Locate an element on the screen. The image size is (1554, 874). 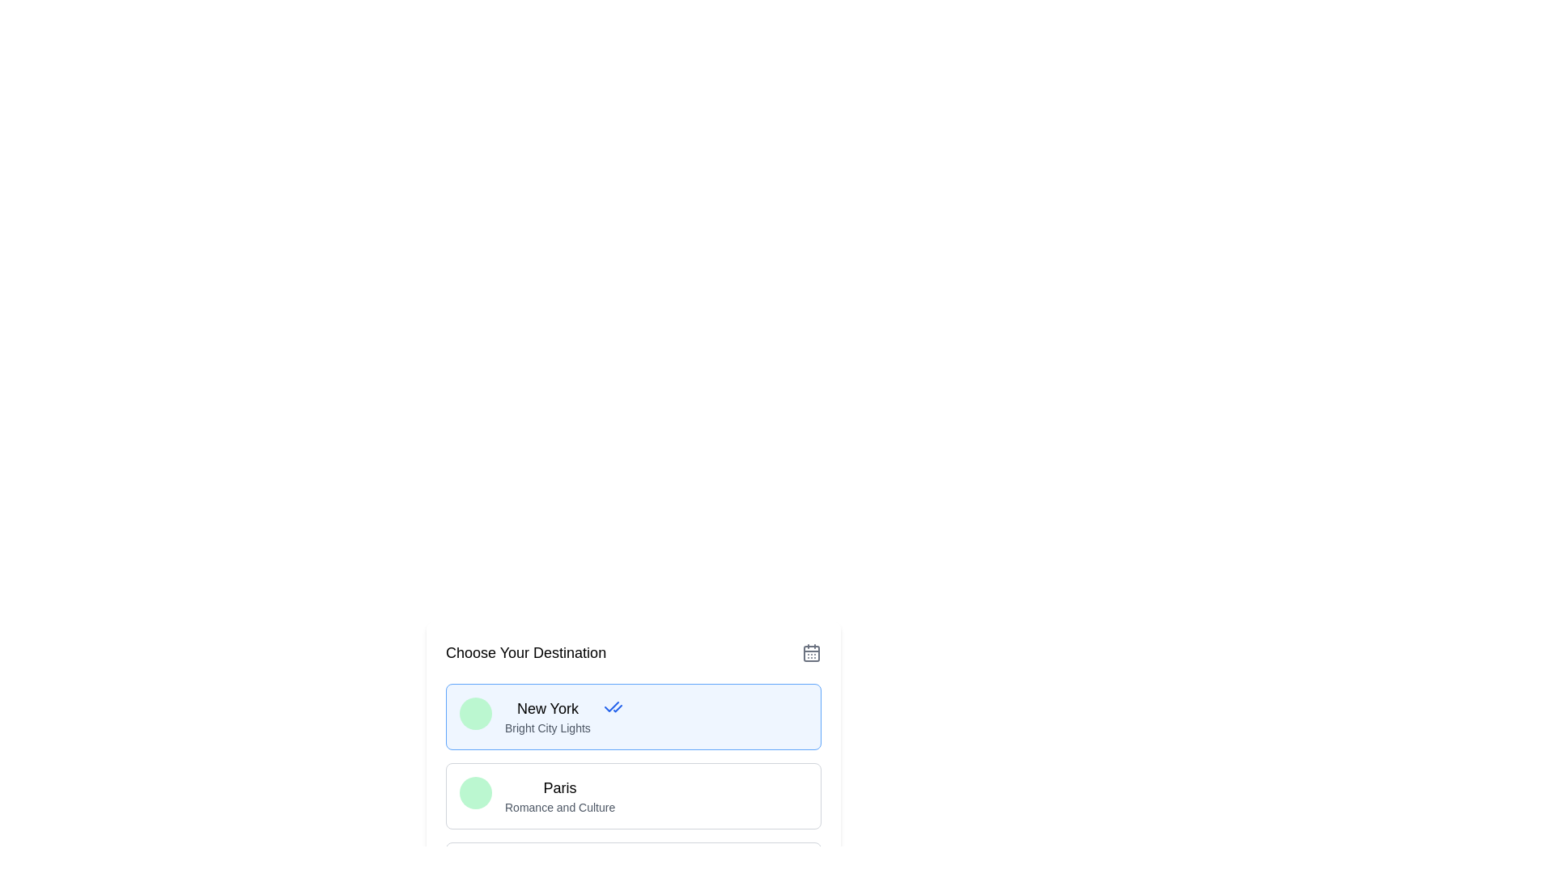
text displayed in the text section of the second destination card, which shows 'Paris' in bold and 'Romance and Culture' in a smaller font is located at coordinates (560, 795).